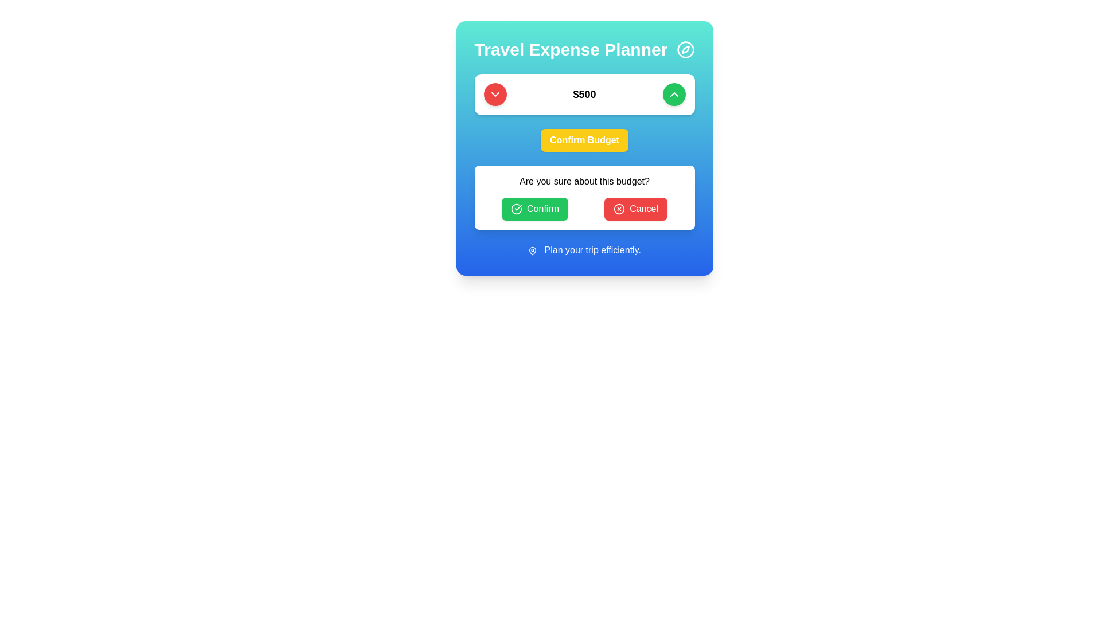 This screenshot has width=1101, height=619. I want to click on the upward-facing chevron-shaped white icon within the circular bright green button located on the right side of the '$500' white bar, so click(674, 94).